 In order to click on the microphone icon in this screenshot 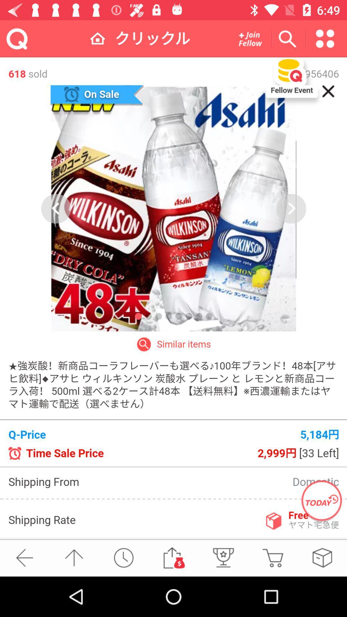, I will do `click(222, 557)`.